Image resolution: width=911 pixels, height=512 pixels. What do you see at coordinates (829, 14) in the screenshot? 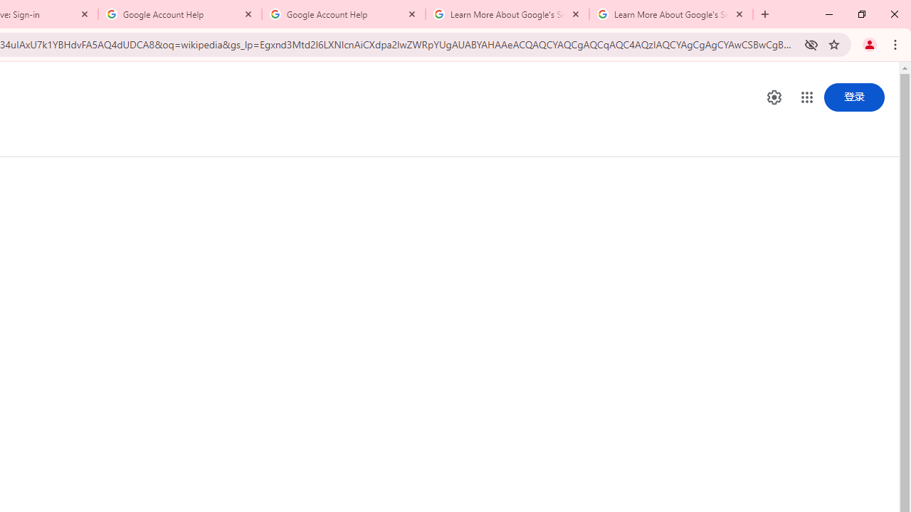
I see `'Minimize'` at bounding box center [829, 14].